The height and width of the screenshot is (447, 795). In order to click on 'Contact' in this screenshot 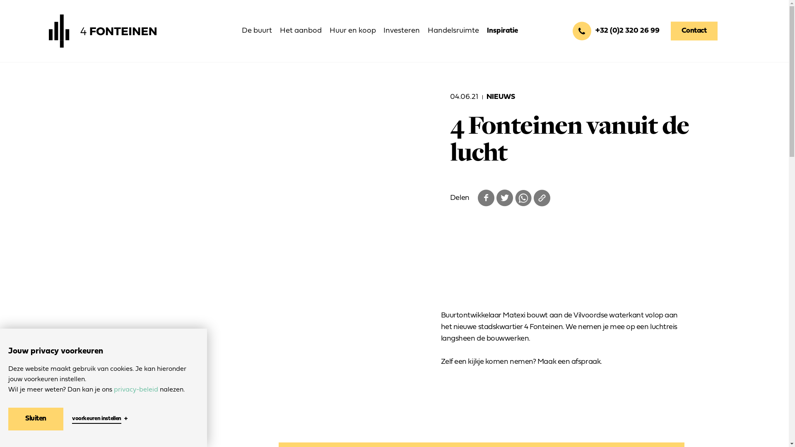, I will do `click(671, 31)`.